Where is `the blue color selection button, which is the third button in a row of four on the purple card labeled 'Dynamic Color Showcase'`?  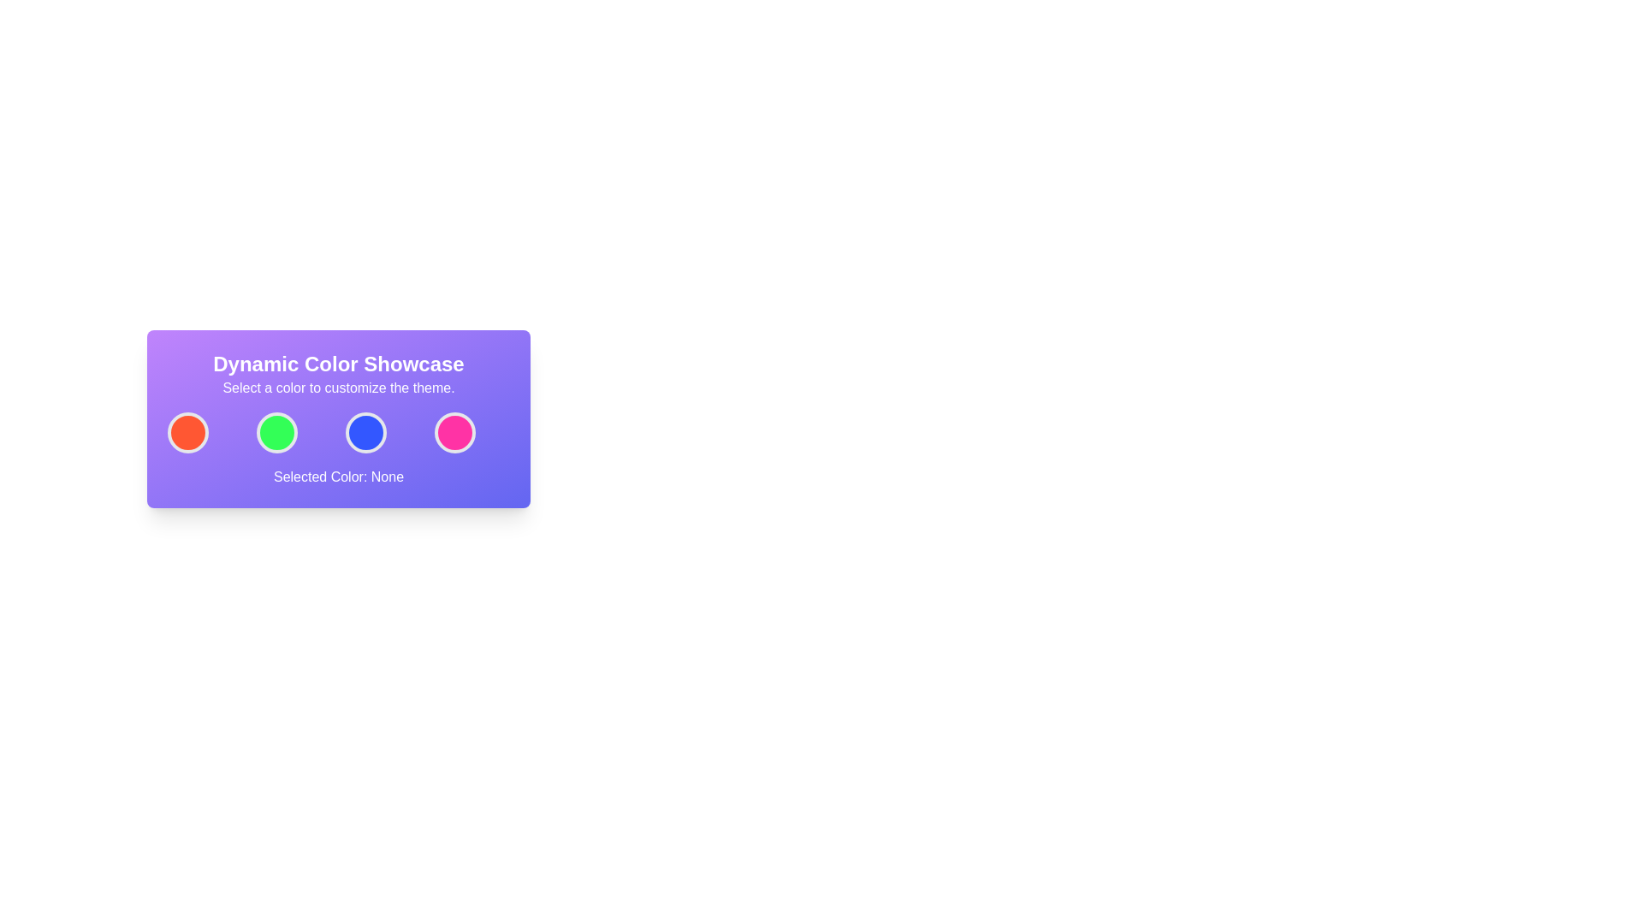
the blue color selection button, which is the third button in a row of four on the purple card labeled 'Dynamic Color Showcase' is located at coordinates (365, 431).